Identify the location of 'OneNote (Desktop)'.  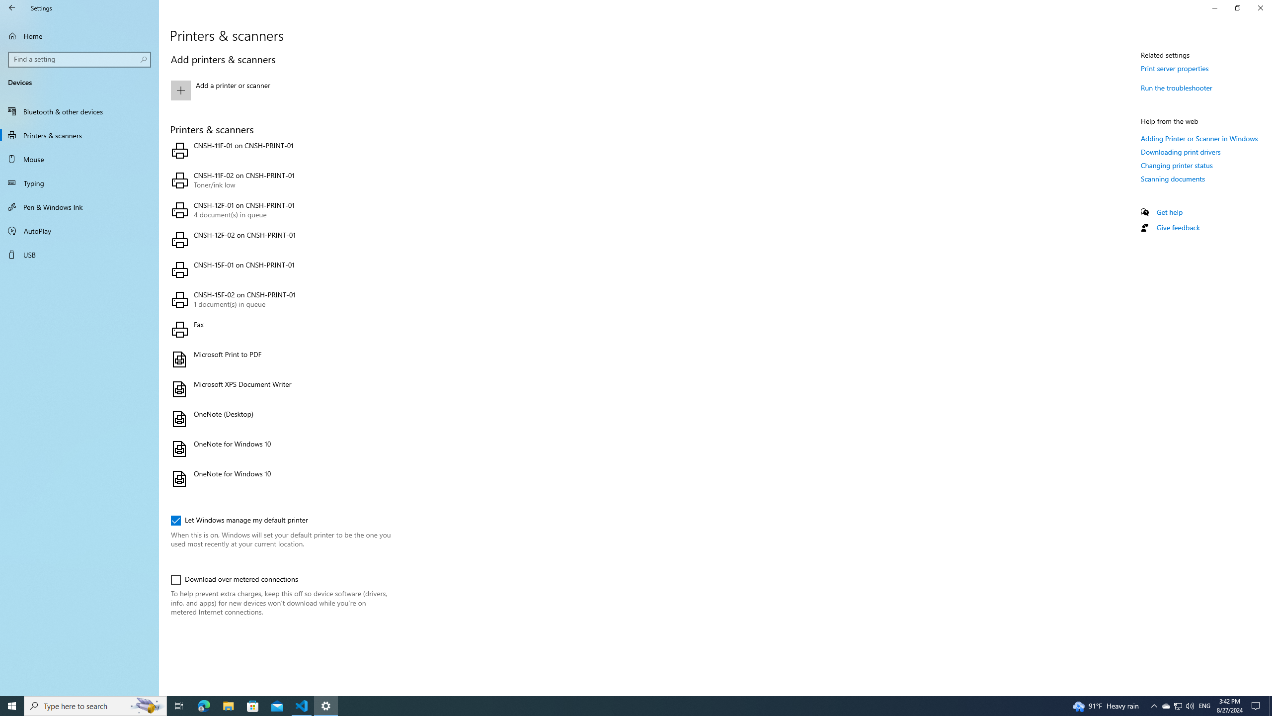
(278, 419).